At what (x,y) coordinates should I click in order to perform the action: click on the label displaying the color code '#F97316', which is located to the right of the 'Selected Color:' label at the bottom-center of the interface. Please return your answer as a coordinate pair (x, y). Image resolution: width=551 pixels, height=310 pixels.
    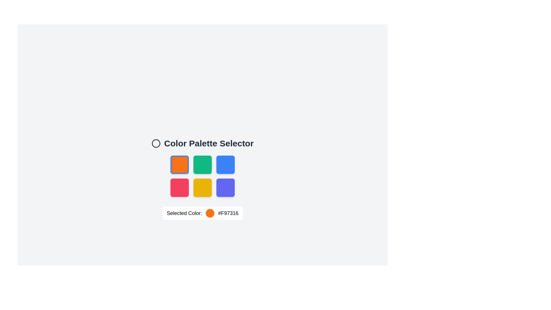
    Looking at the image, I should click on (228, 213).